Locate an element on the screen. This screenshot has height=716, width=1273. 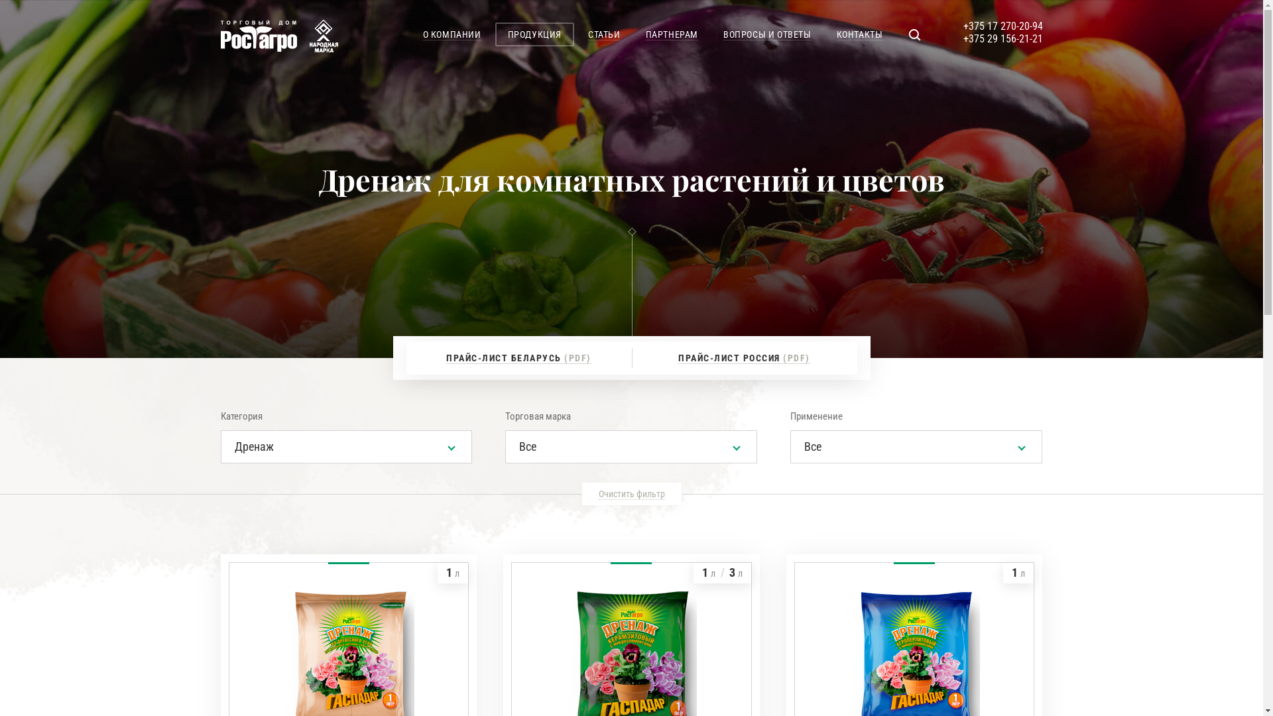
'+375 17 270-20-94' is located at coordinates (1002, 26).